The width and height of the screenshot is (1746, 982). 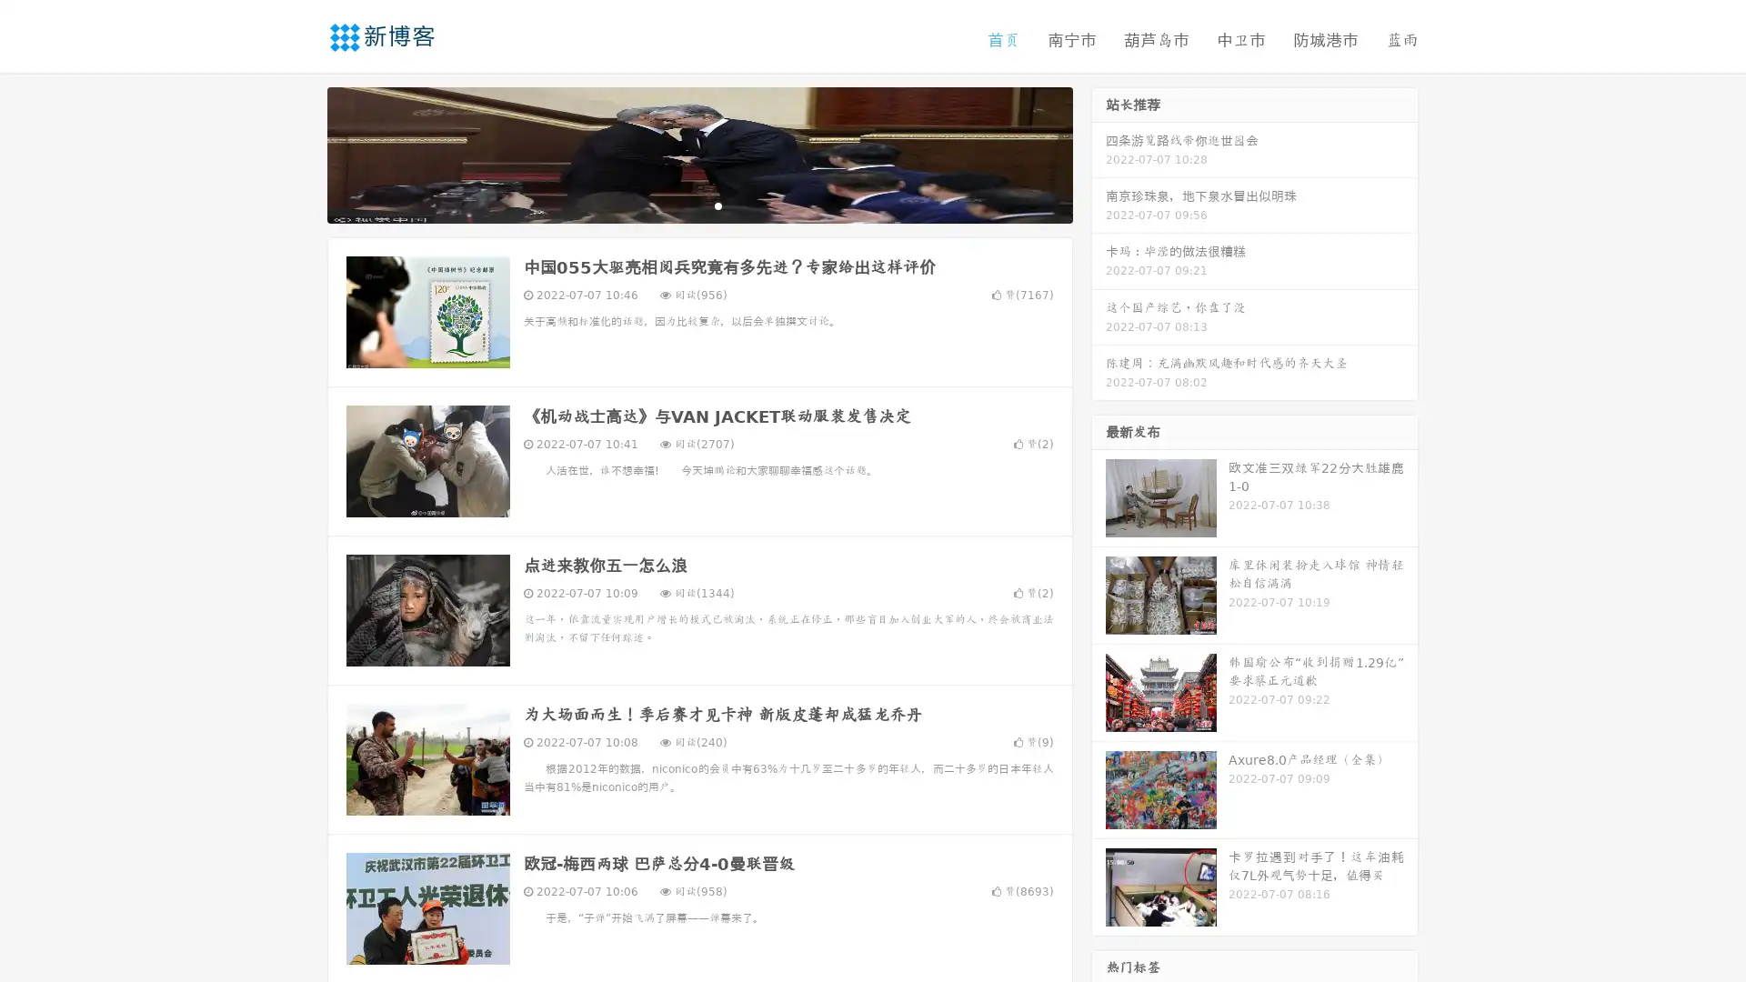 I want to click on Go to slide 3, so click(x=717, y=205).